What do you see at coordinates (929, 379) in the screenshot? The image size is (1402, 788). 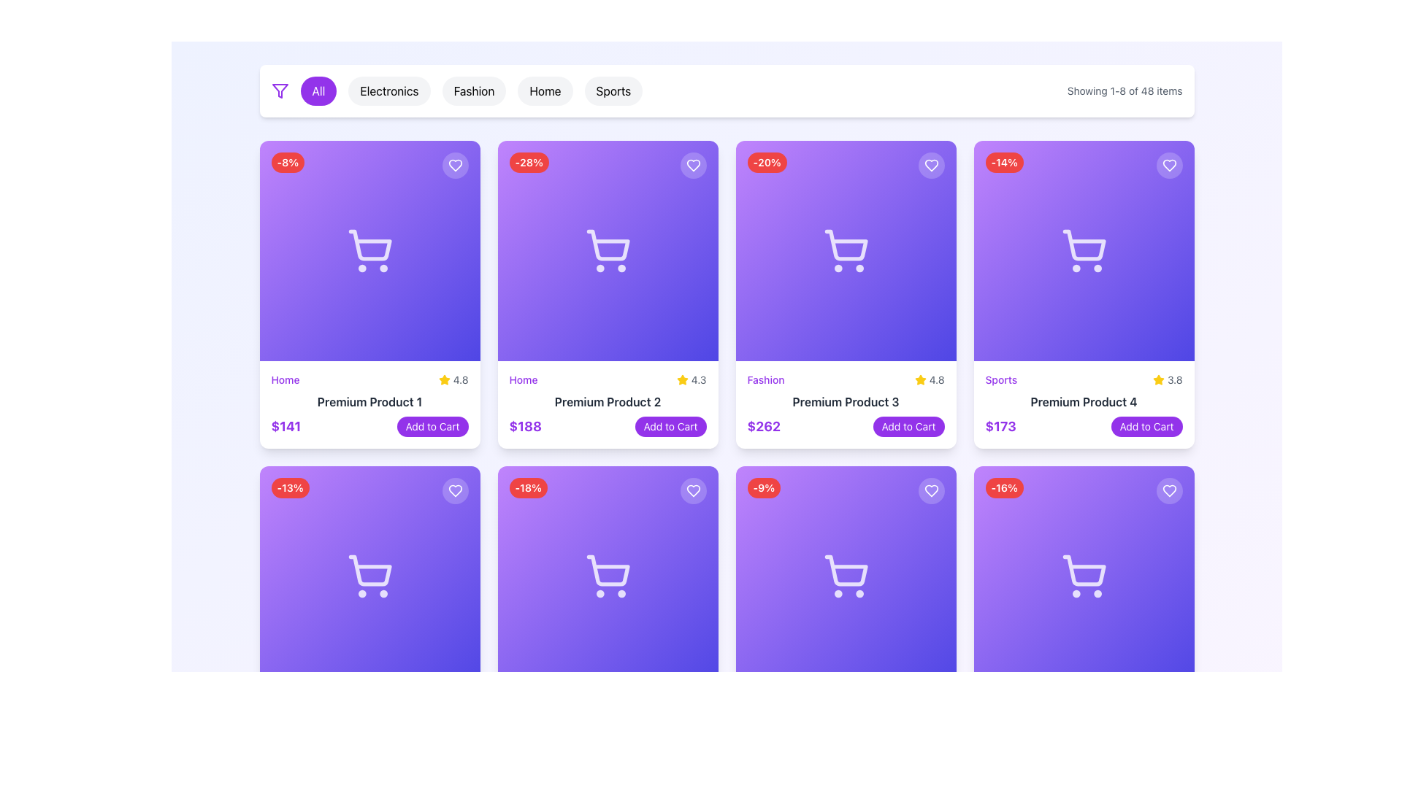 I see `the content of the Rating Display element, which features a bright yellow star icon and the text '4.8' in gray, located in the bottom-right corner of the card for 'Fashion Premium Product 3'` at bounding box center [929, 379].